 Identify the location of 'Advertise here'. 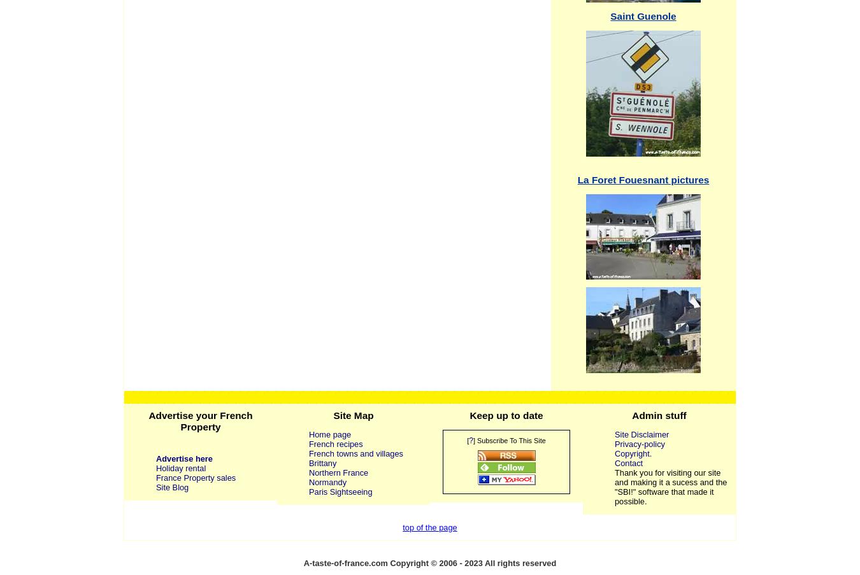
(155, 458).